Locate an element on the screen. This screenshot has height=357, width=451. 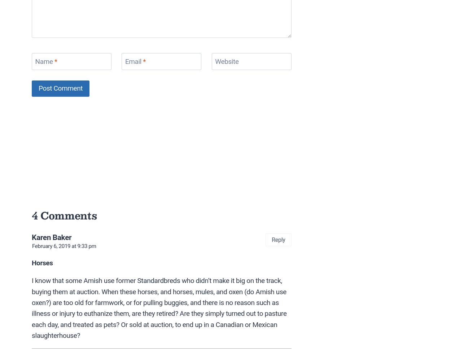
'I know that some Amish use former Standardbreds who didn’t make it big on the track, buying them at auction.  When these horses, and horses, mules, and oxen (do Amish use oxen?) are too old for farmwork, or for pulling buggies, and there is no reason such as illness or injury to euthanize them, are they retired?  Are they simply turned out to pasture each day, and treated as pets?  Or sold at auction, to end up in a Canadian or Mexican slaughterhouse?' is located at coordinates (159, 308).